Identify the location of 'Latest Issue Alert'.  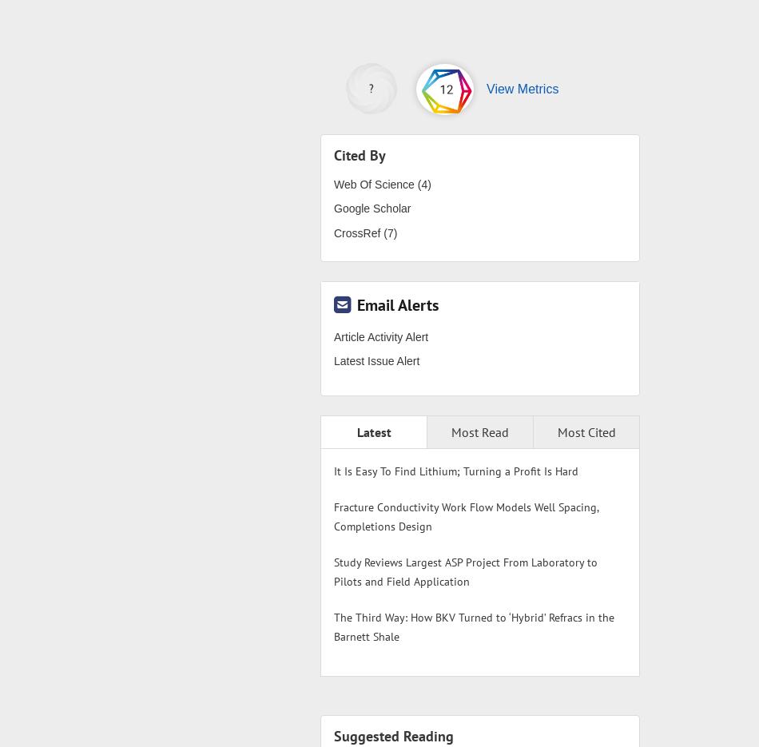
(376, 360).